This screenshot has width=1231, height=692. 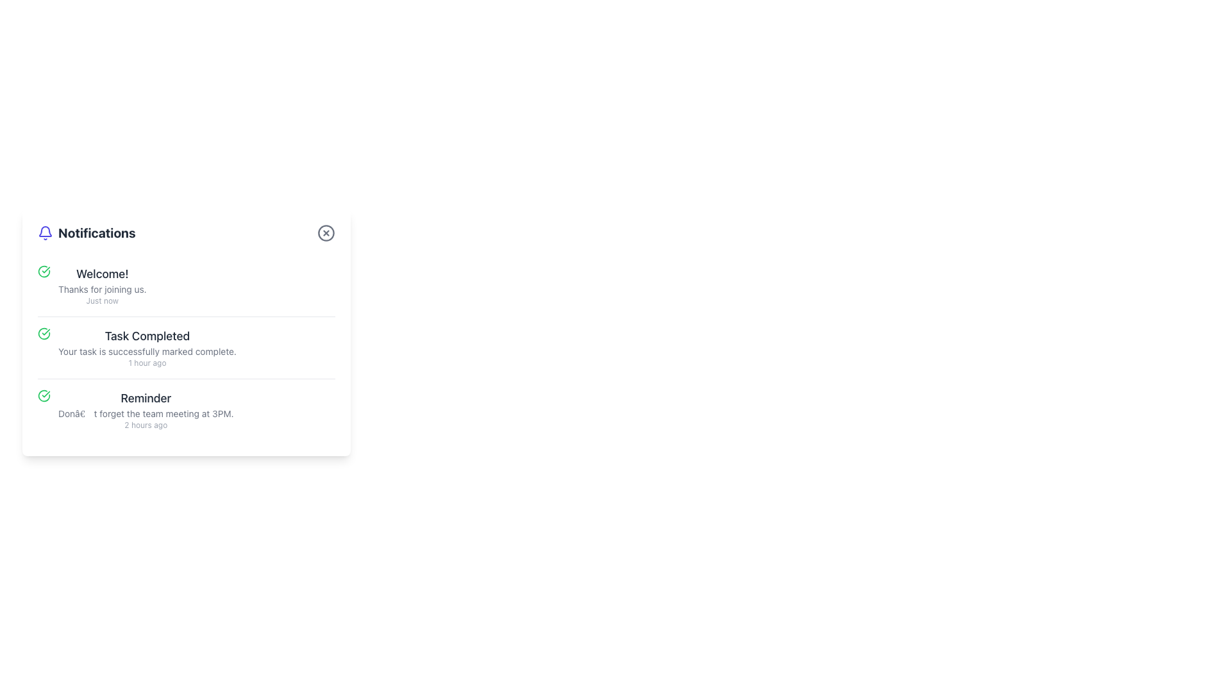 I want to click on the Text Label located below the 'Welcome!' text and above the 'Just now' timestamp within a notification entry, so click(x=101, y=289).